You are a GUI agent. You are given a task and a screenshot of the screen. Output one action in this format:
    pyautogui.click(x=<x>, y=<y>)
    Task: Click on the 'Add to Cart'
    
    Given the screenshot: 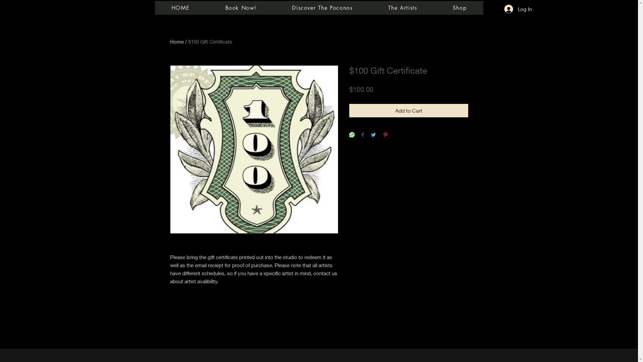 What is the action you would take?
    pyautogui.click(x=408, y=110)
    